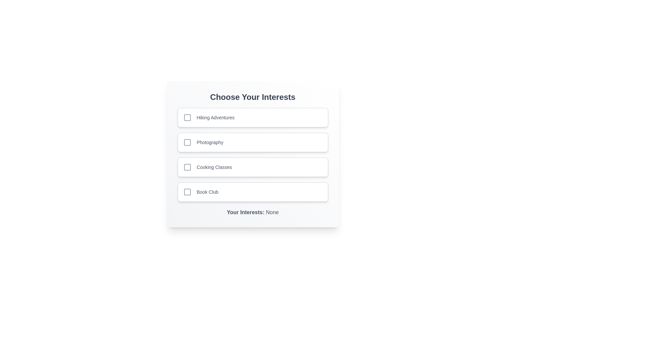  What do you see at coordinates (246, 212) in the screenshot?
I see `the text label 'Your Interests:' which is styled in bold and is located to the left of 'None' in a user feedback section` at bounding box center [246, 212].